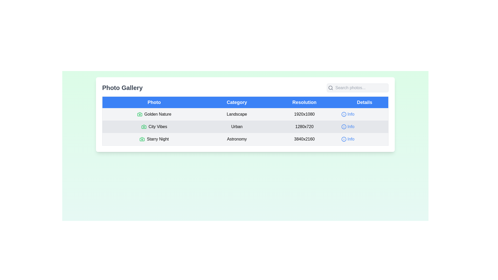 Image resolution: width=498 pixels, height=280 pixels. Describe the element at coordinates (154, 102) in the screenshot. I see `the header label categorizing photo-related information in the first column of the table` at that location.